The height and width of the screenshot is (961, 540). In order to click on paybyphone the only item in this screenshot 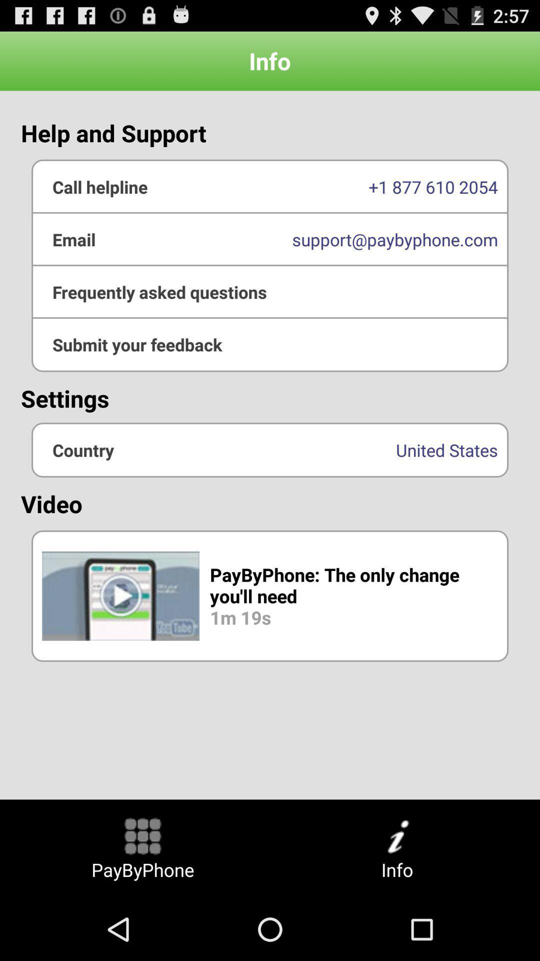, I will do `click(270, 596)`.